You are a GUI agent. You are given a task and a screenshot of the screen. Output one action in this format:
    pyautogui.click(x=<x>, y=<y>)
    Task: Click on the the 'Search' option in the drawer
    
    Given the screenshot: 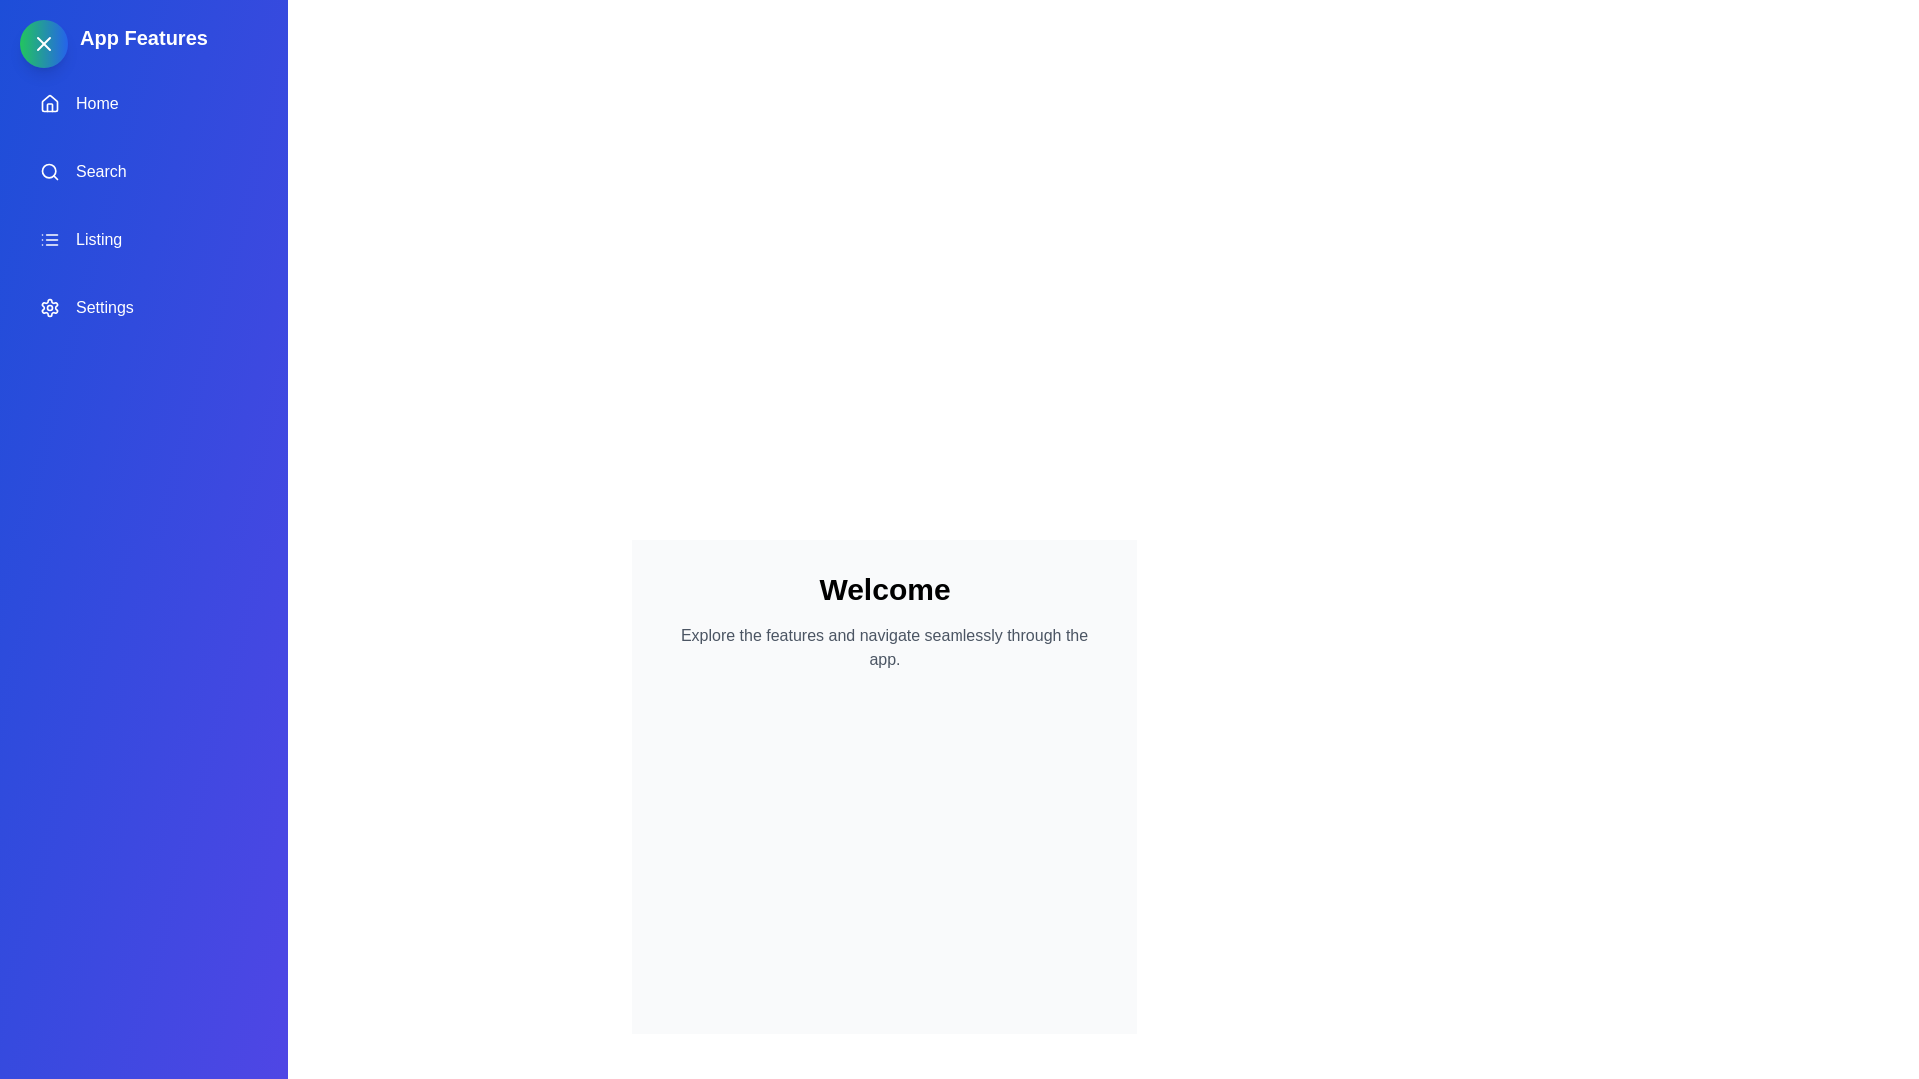 What is the action you would take?
    pyautogui.click(x=143, y=171)
    